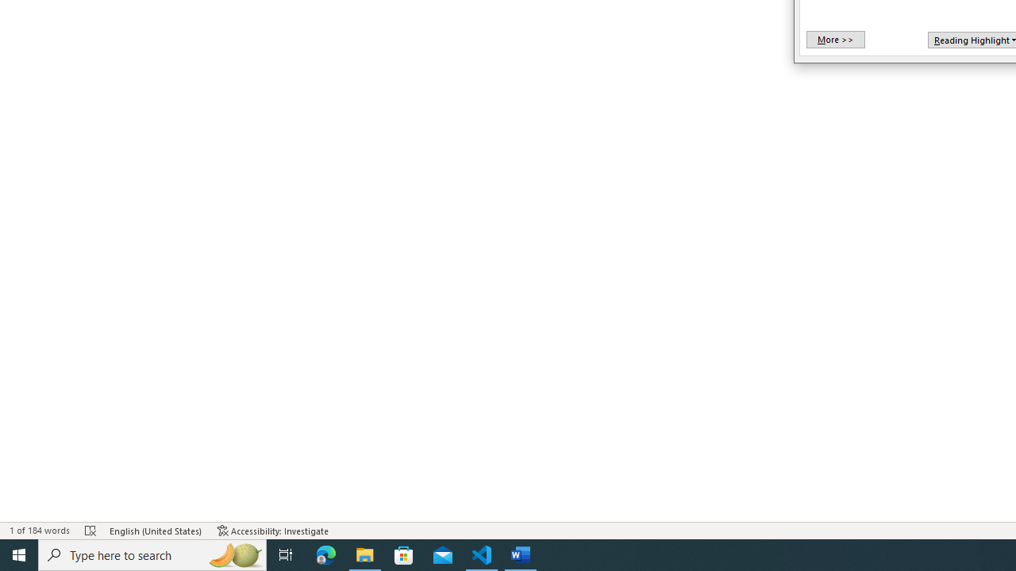 This screenshot has height=571, width=1016. Describe the element at coordinates (834, 39) in the screenshot. I see `'More >>'` at that location.